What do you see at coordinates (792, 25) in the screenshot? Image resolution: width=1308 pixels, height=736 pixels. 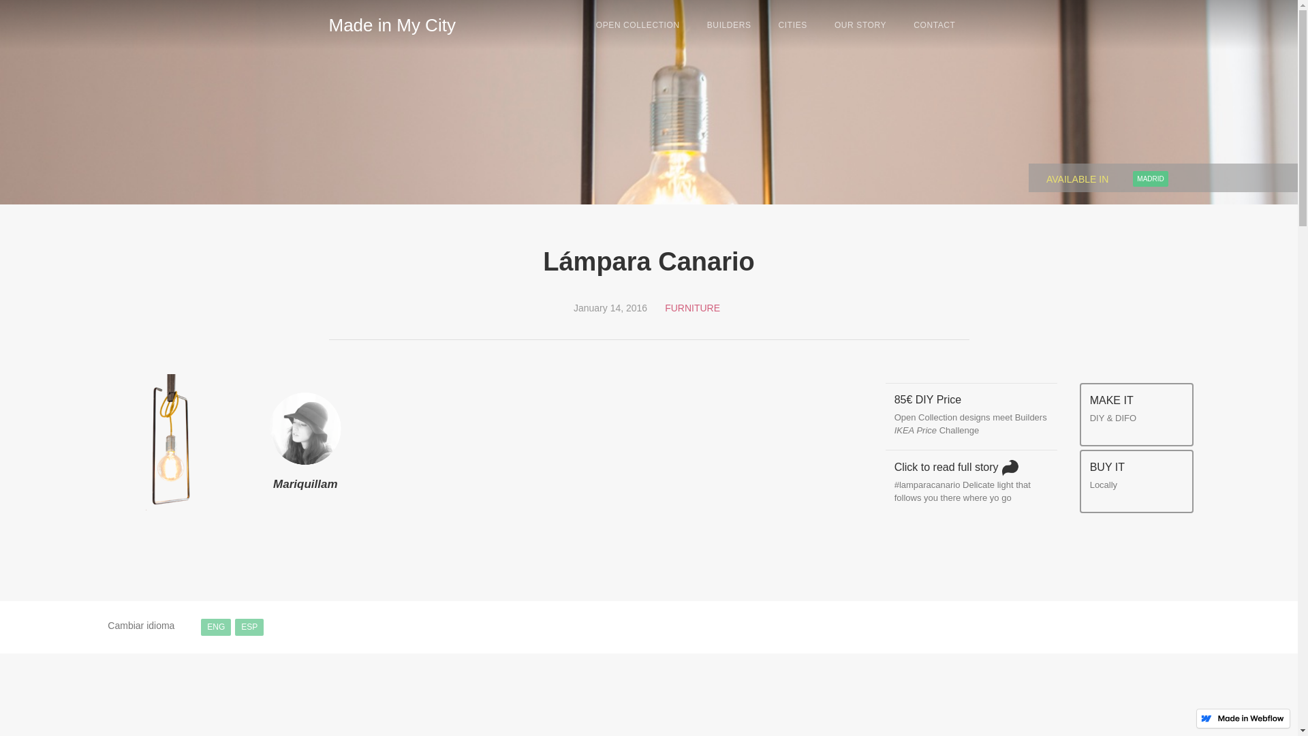 I see `'CITIES'` at bounding box center [792, 25].